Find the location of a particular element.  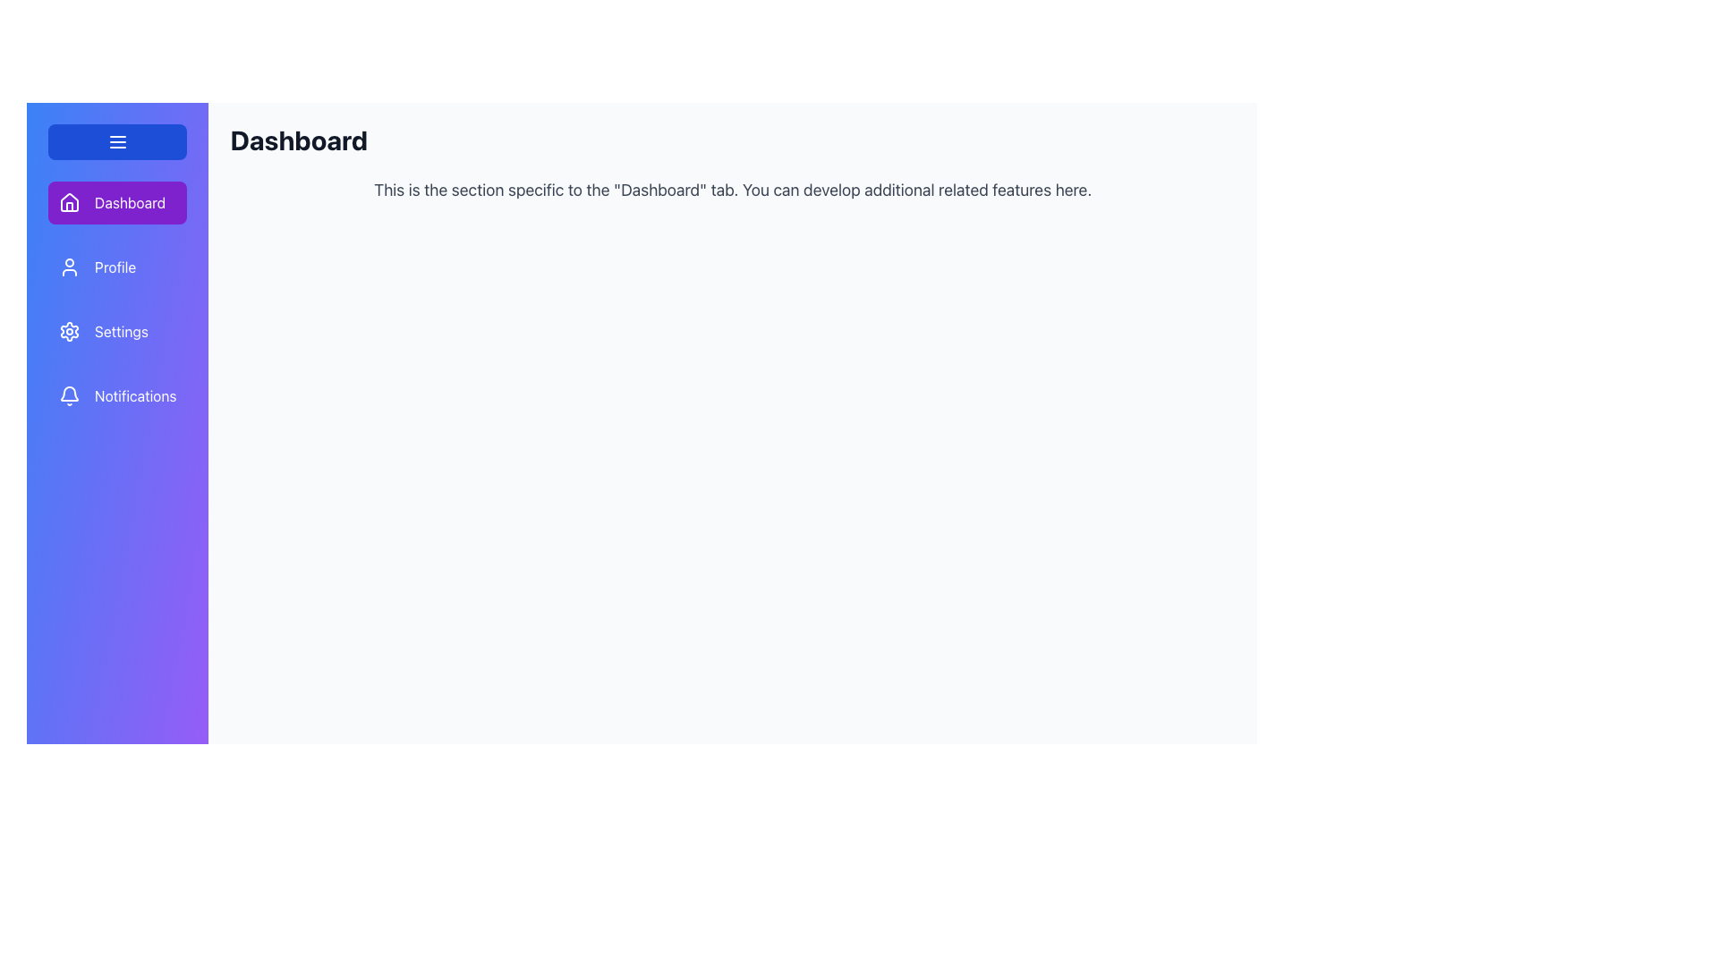

the 'Profile' button in the sidebar for keyboard navigation by moving the mouse pointer to its center is located at coordinates (116, 267).